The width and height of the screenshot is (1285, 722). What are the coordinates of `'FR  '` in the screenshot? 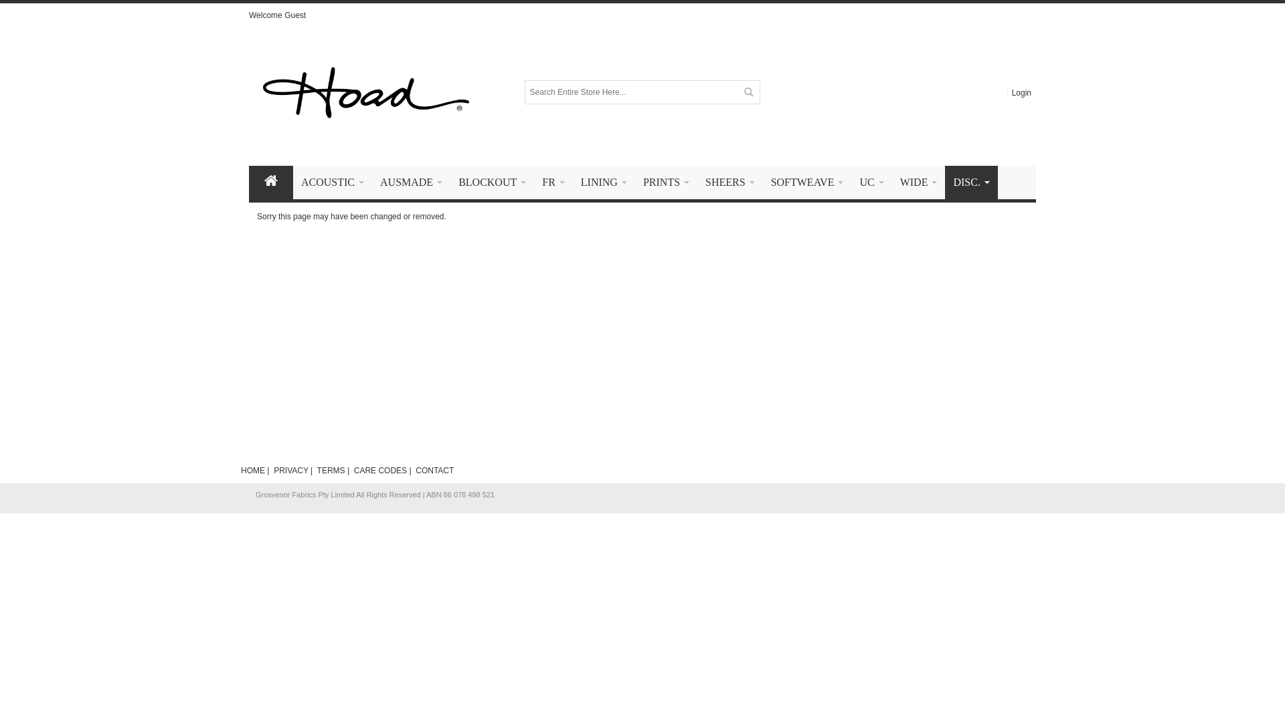 It's located at (533, 183).